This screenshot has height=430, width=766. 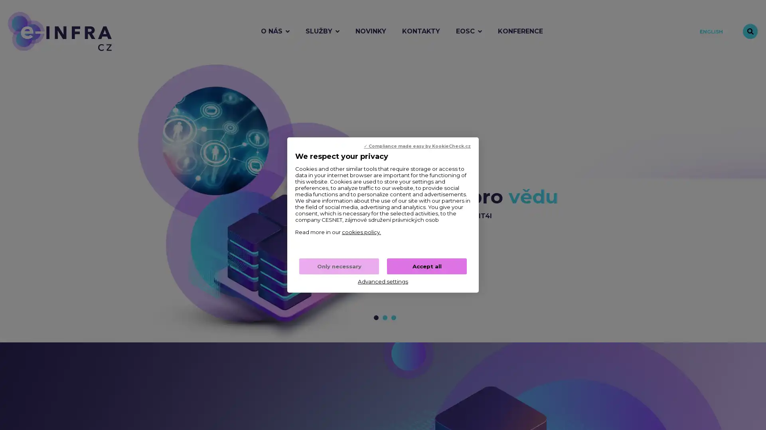 I want to click on Vyhledavani, so click(x=750, y=31).